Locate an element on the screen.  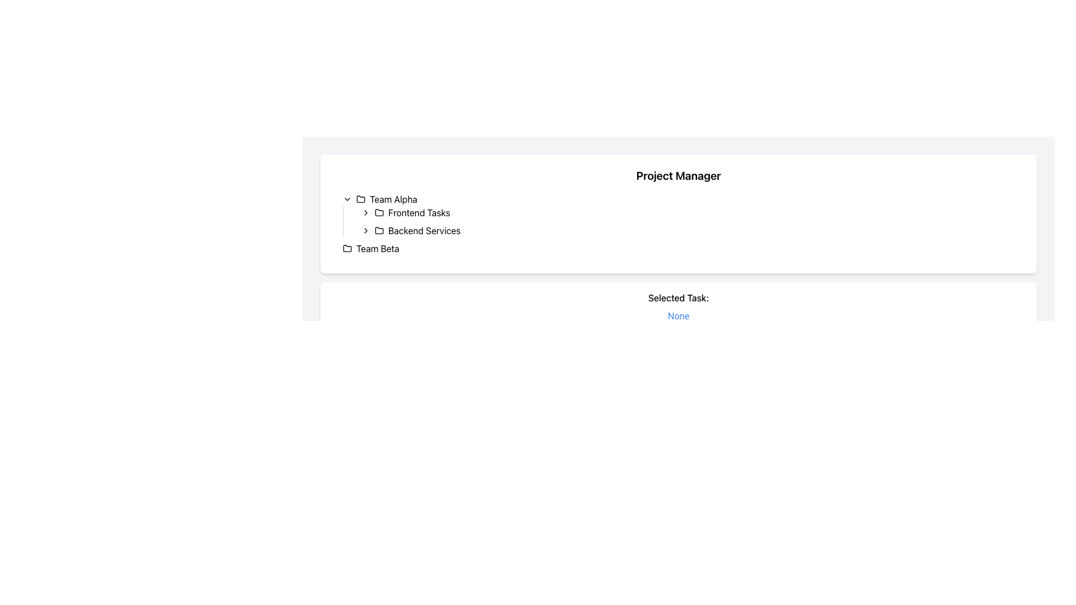
the text label element displaying 'Selected Task:' which is styled in medium font weight and located above the blue-texted value 'None' is located at coordinates (678, 297).